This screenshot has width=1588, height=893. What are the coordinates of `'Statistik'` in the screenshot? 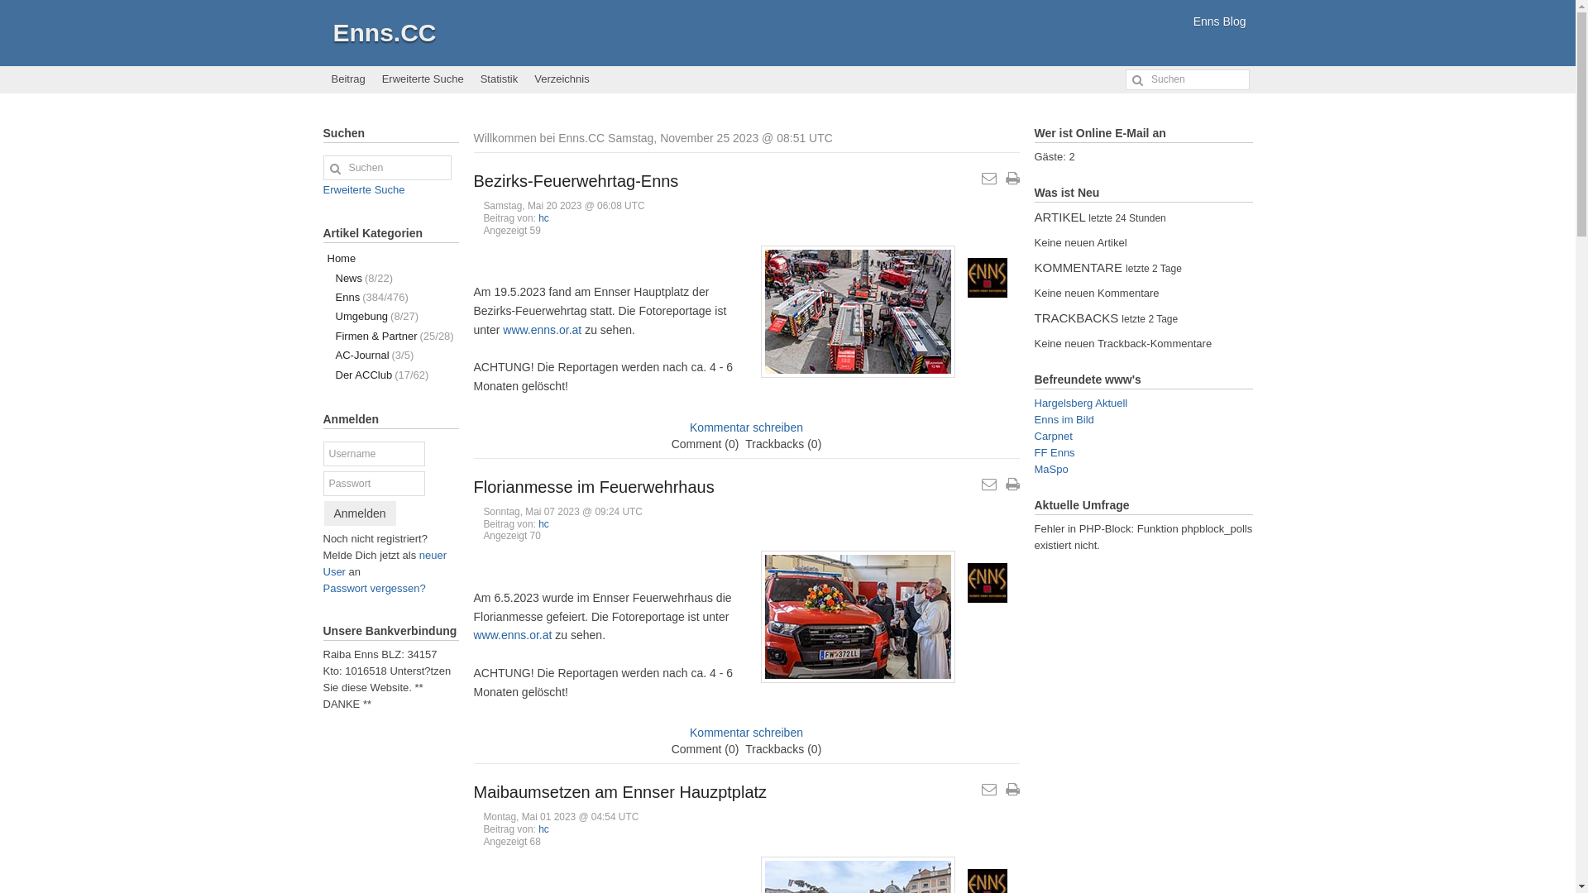 It's located at (499, 79).